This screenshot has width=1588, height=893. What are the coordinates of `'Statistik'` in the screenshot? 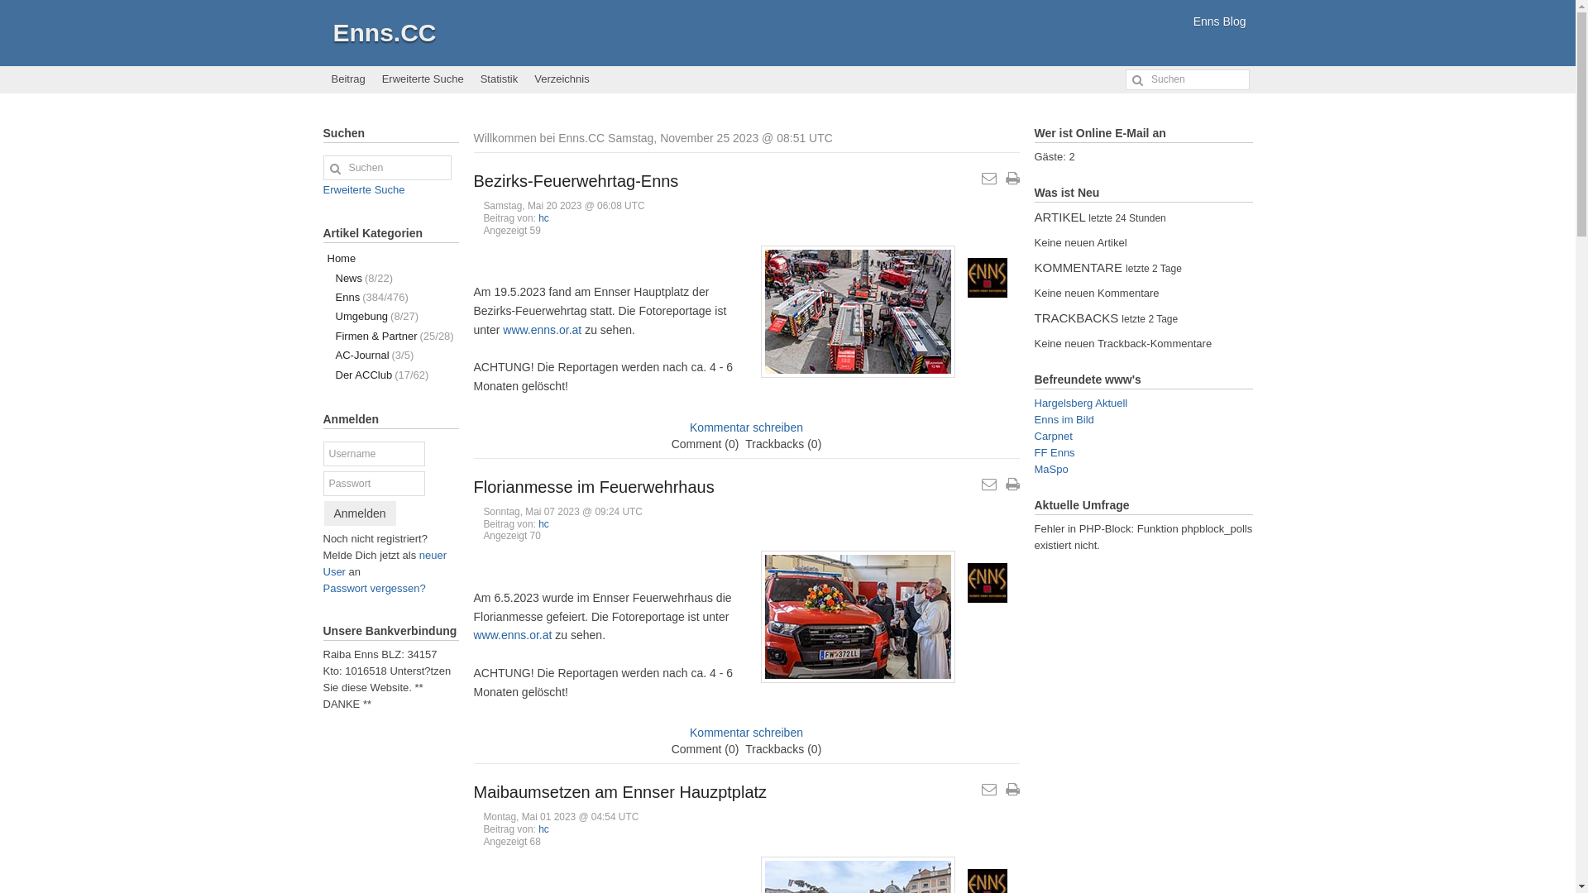 It's located at (499, 79).